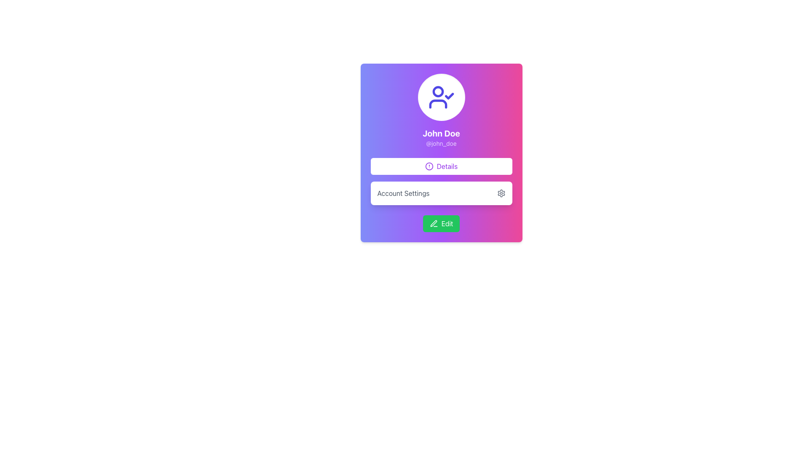 The image size is (809, 455). I want to click on the button located beneath the 'John Doe' and '@john_doe' texts, which navigates to detailed user profile or account information, so click(441, 166).